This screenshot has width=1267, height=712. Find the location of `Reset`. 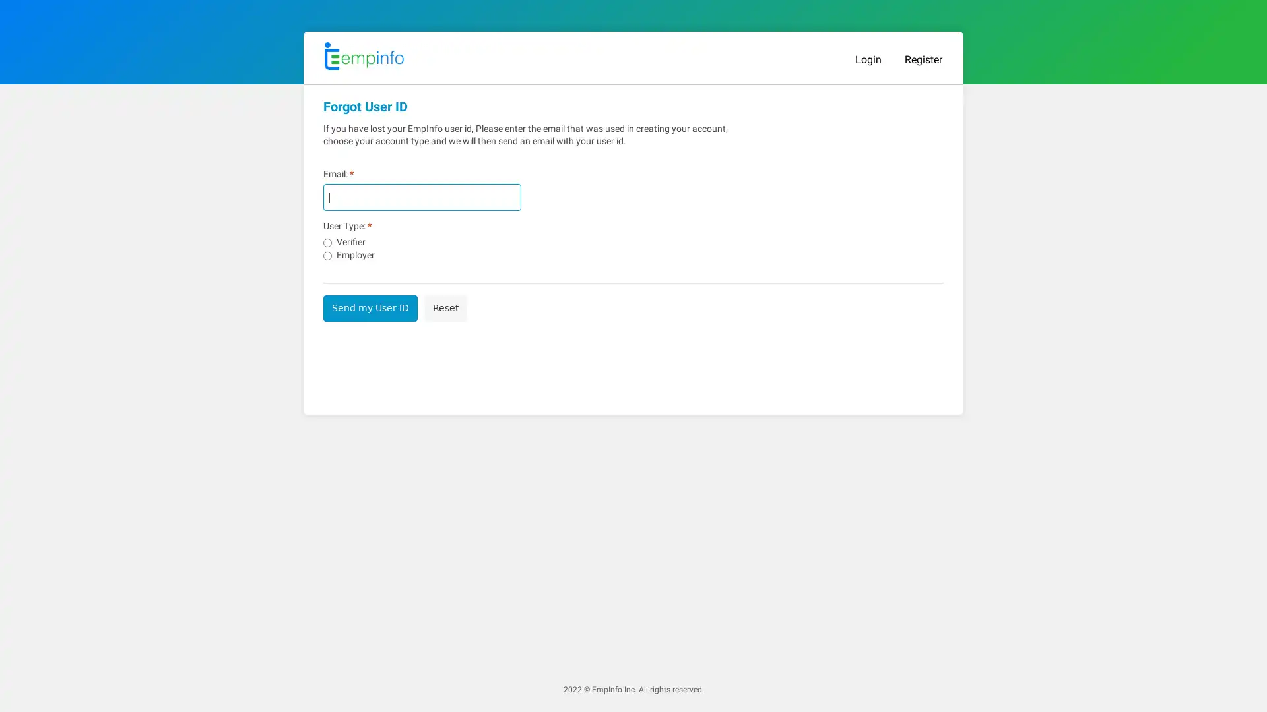

Reset is located at coordinates (445, 307).